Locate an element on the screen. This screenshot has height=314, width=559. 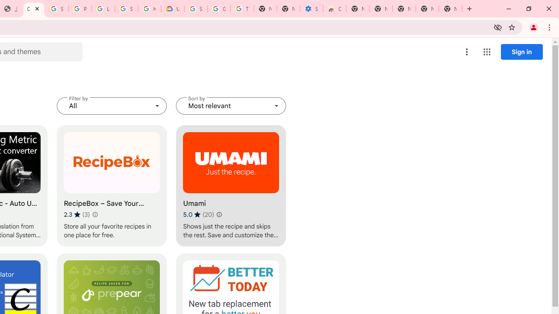
'Turn cookies on or off - Computer - Google Account Help' is located at coordinates (242, 9).